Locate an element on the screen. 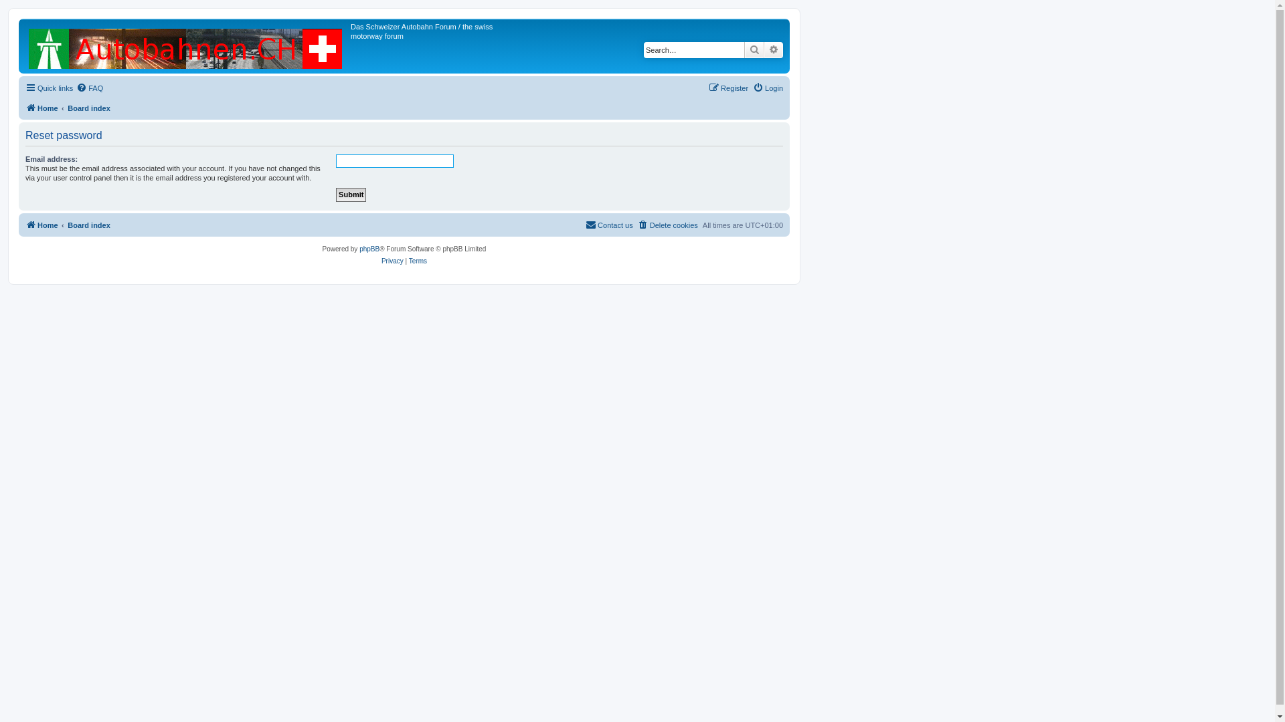 The width and height of the screenshot is (1285, 722). 'phpBB' is located at coordinates (369, 249).